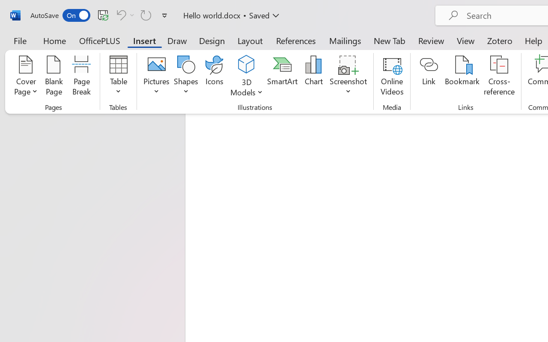 Image resolution: width=548 pixels, height=342 pixels. What do you see at coordinates (389, 40) in the screenshot?
I see `'New Tab'` at bounding box center [389, 40].